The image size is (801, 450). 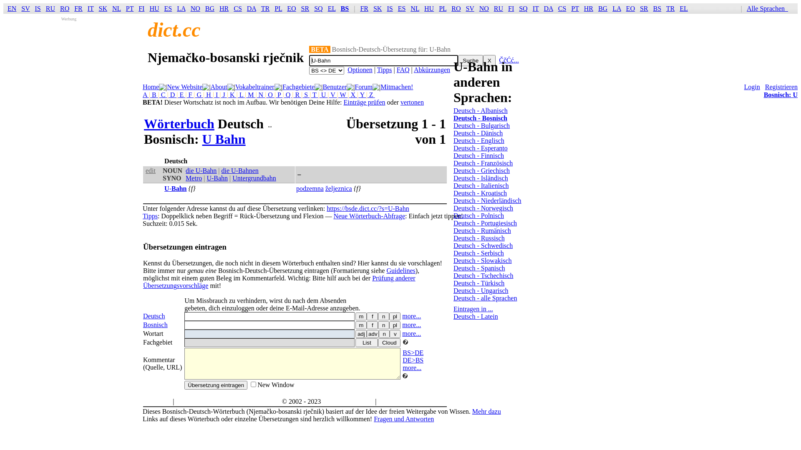 What do you see at coordinates (410, 8) in the screenshot?
I see `'NL'` at bounding box center [410, 8].